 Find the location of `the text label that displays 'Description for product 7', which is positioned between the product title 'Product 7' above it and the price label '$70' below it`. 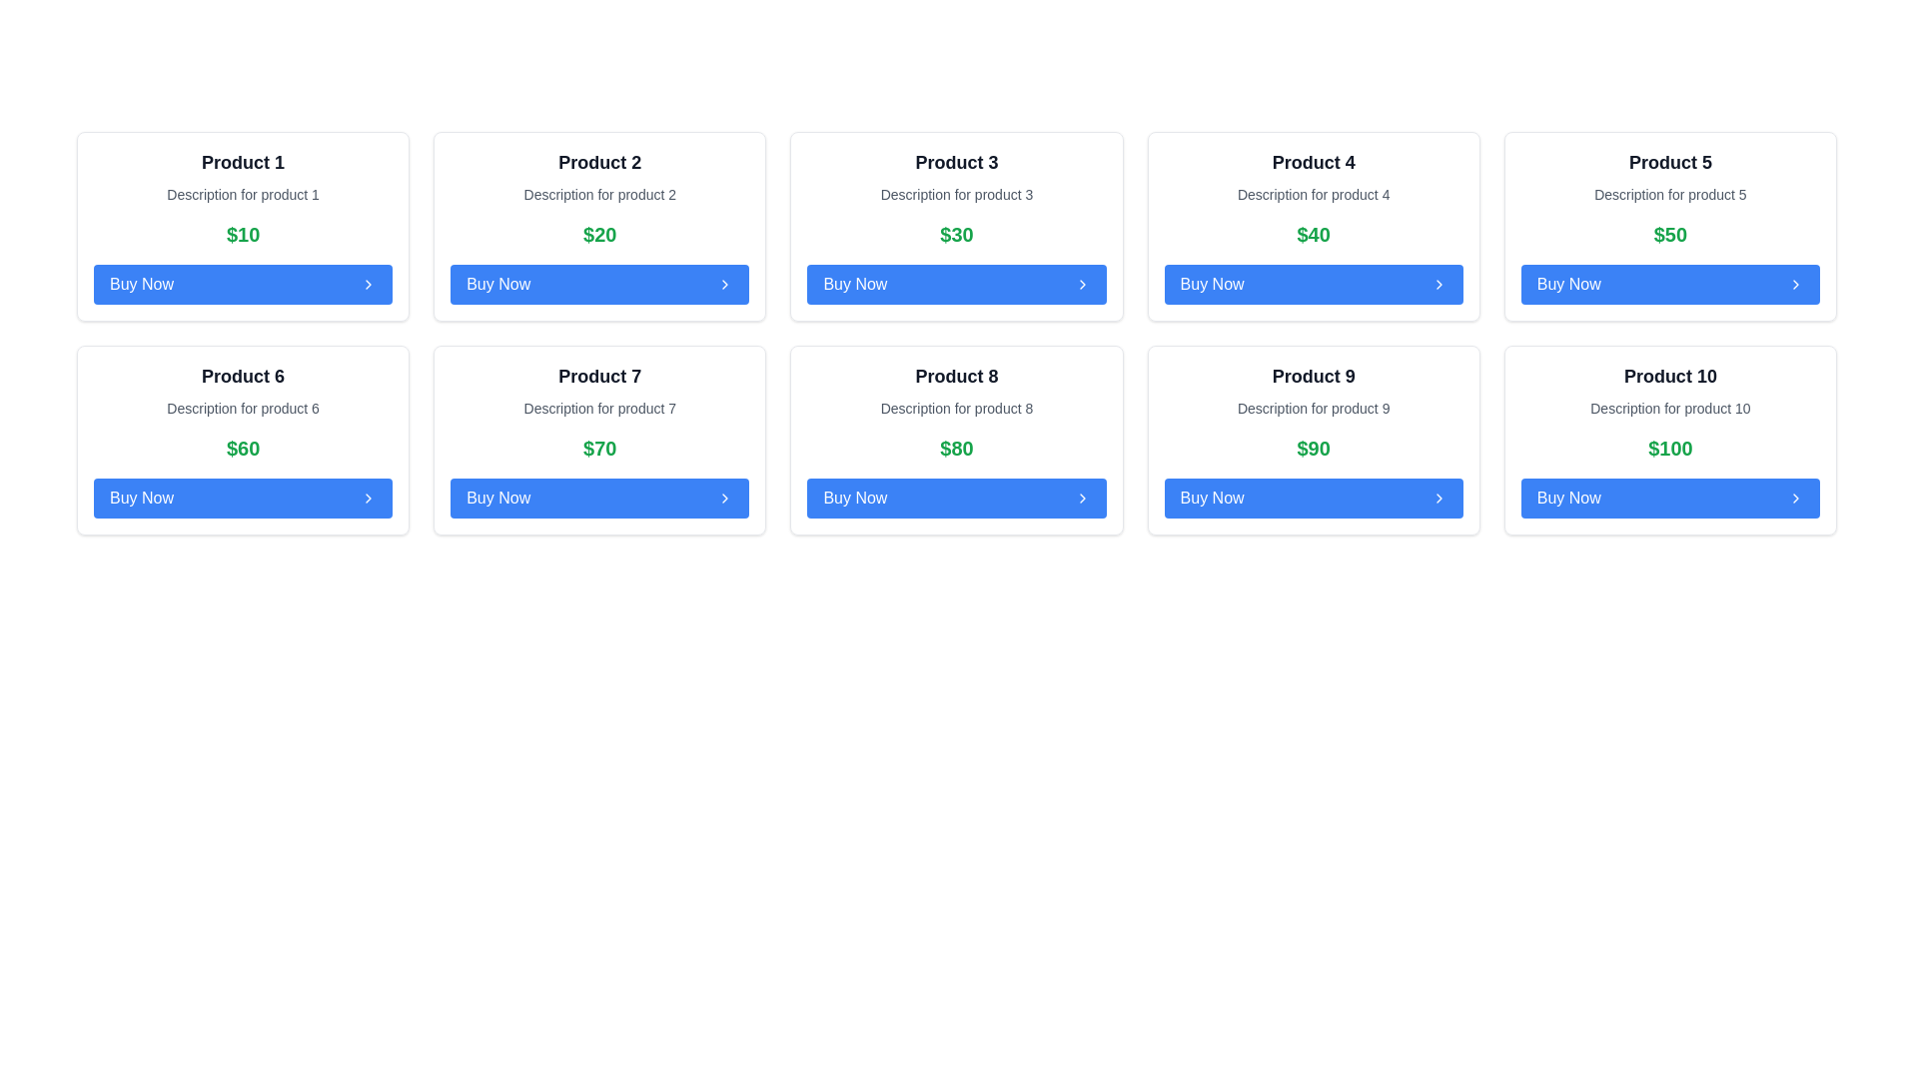

the text label that displays 'Description for product 7', which is positioned between the product title 'Product 7' above it and the price label '$70' below it is located at coordinates (598, 407).